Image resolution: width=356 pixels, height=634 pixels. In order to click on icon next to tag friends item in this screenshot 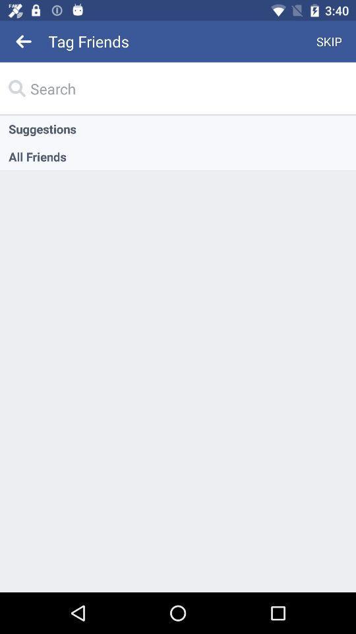, I will do `click(328, 41)`.